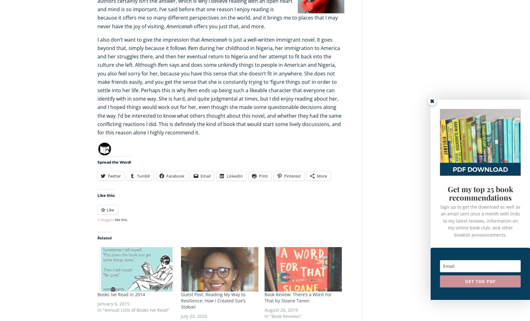  I want to click on 'Tumblr', so click(143, 176).